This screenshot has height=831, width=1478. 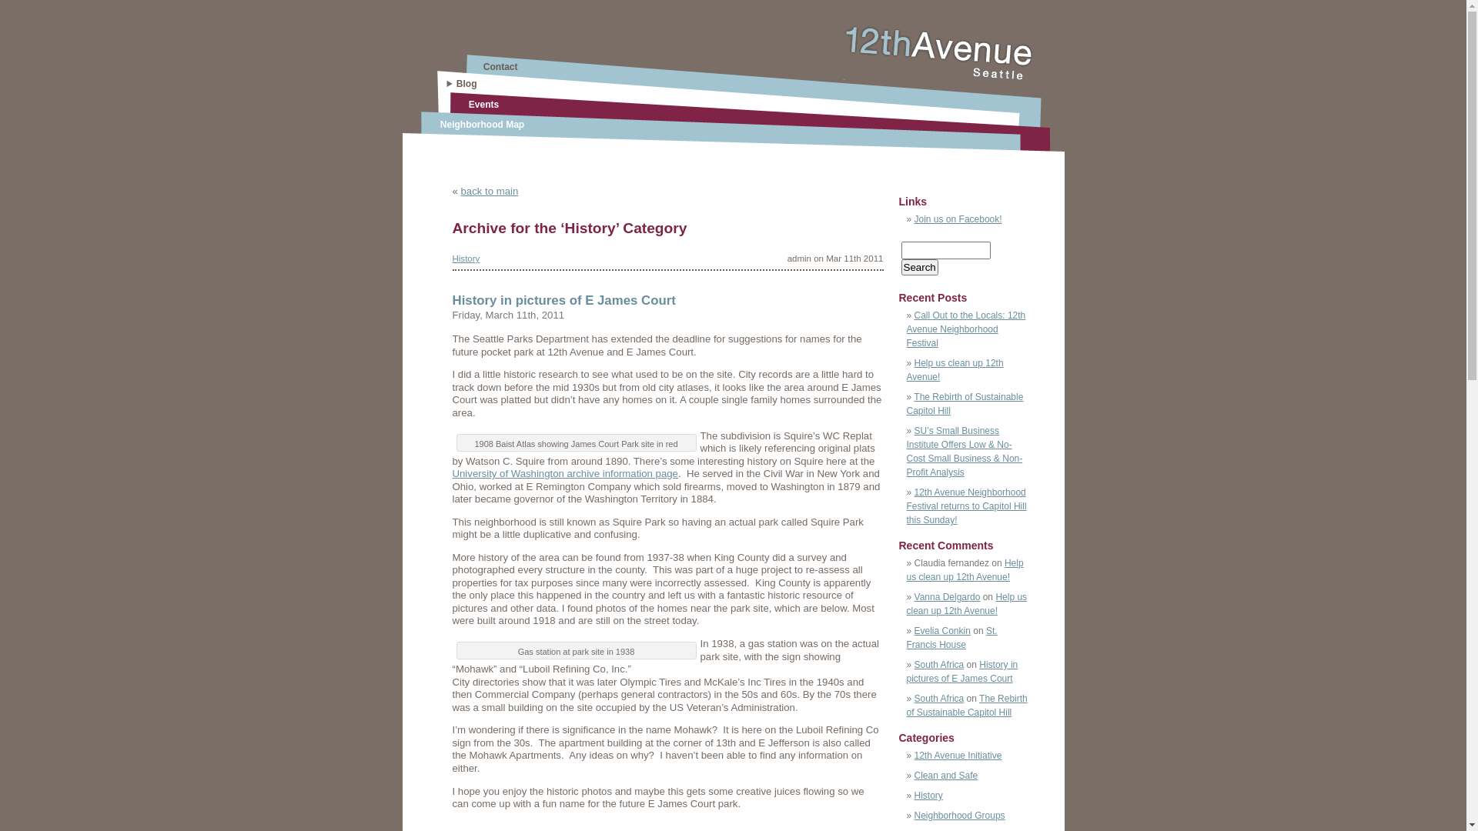 What do you see at coordinates (460, 190) in the screenshot?
I see `'back to main'` at bounding box center [460, 190].